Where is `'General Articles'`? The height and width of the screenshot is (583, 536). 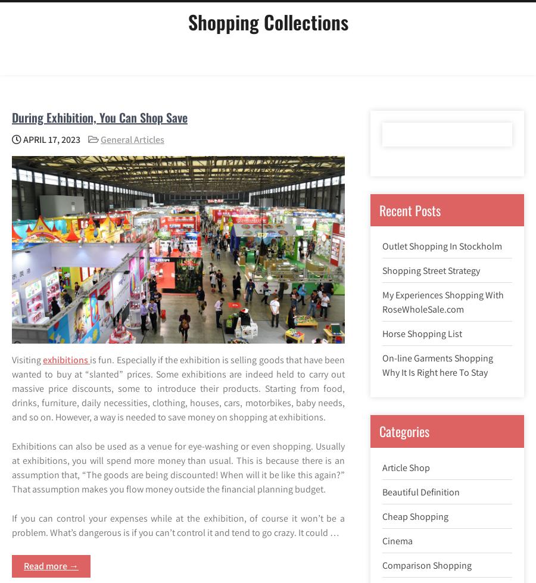
'General Articles' is located at coordinates (132, 139).